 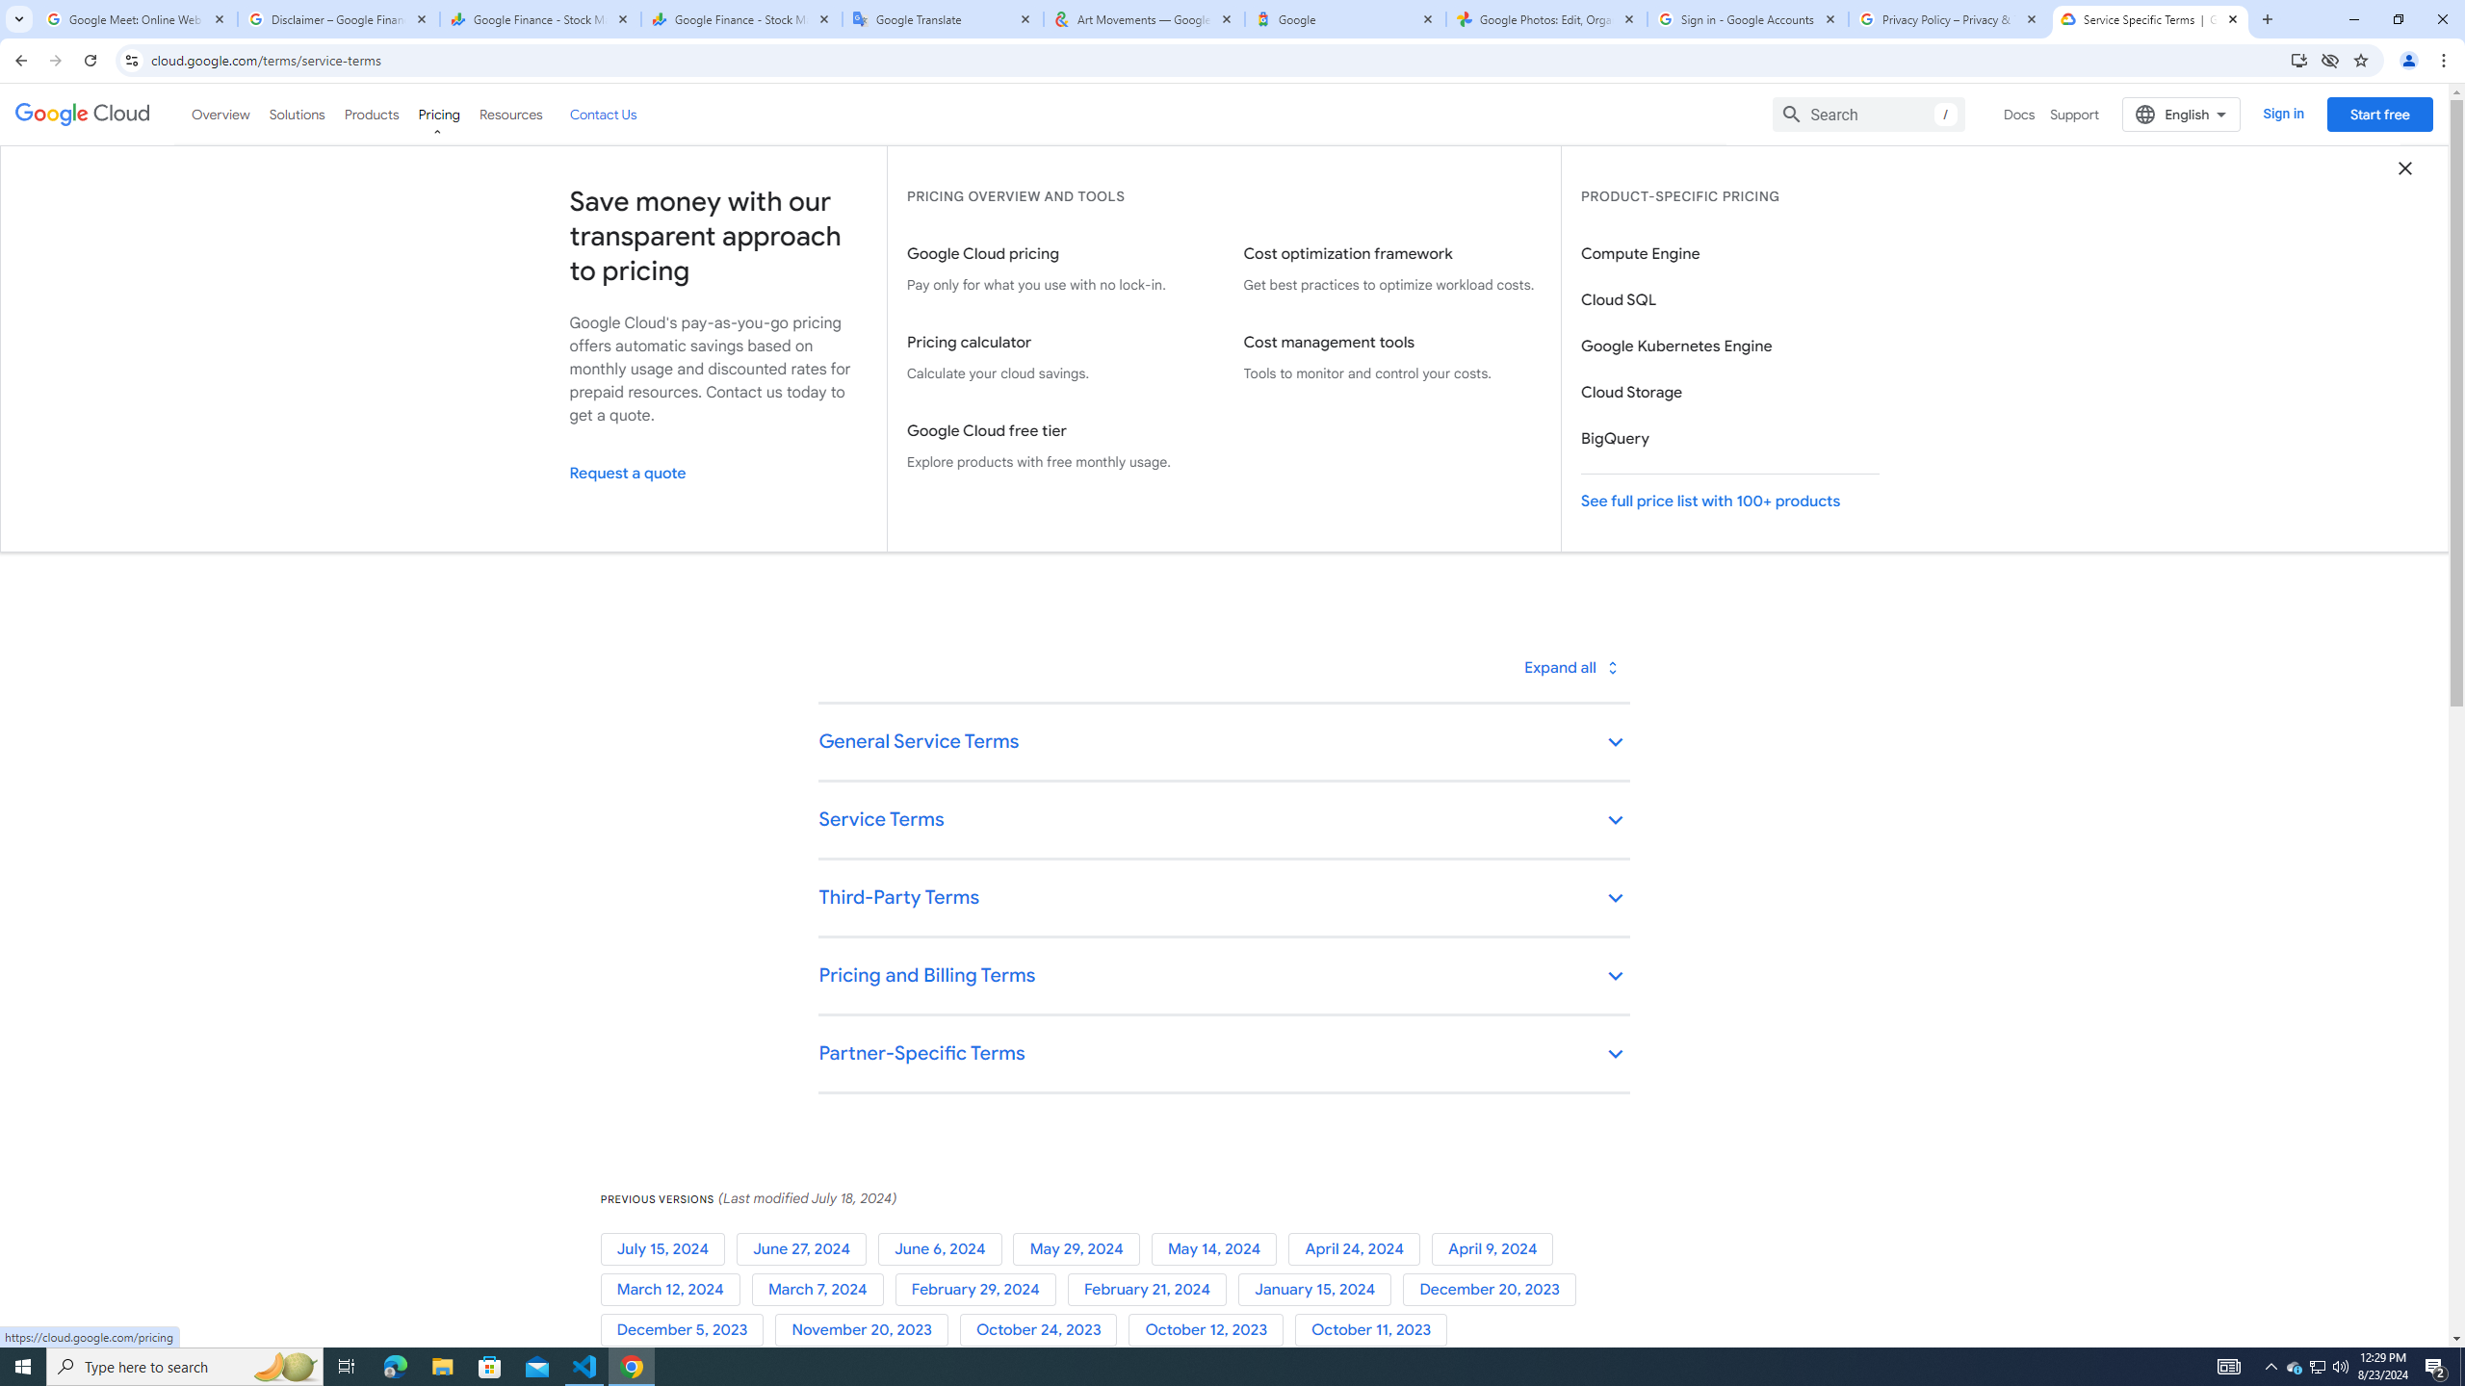 What do you see at coordinates (1727, 254) in the screenshot?
I see `'Compute Engine'` at bounding box center [1727, 254].